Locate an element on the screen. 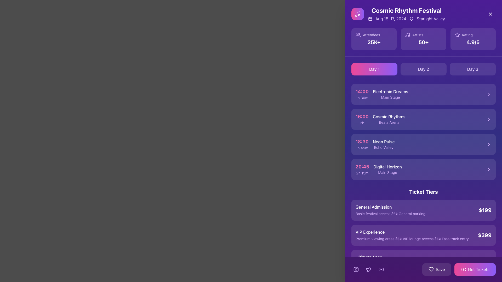 The image size is (502, 282). the Text Display that shows the starting time and duration of the event located in the fourth event section, preceding the event title 'Digital Horizon' is located at coordinates (362, 169).